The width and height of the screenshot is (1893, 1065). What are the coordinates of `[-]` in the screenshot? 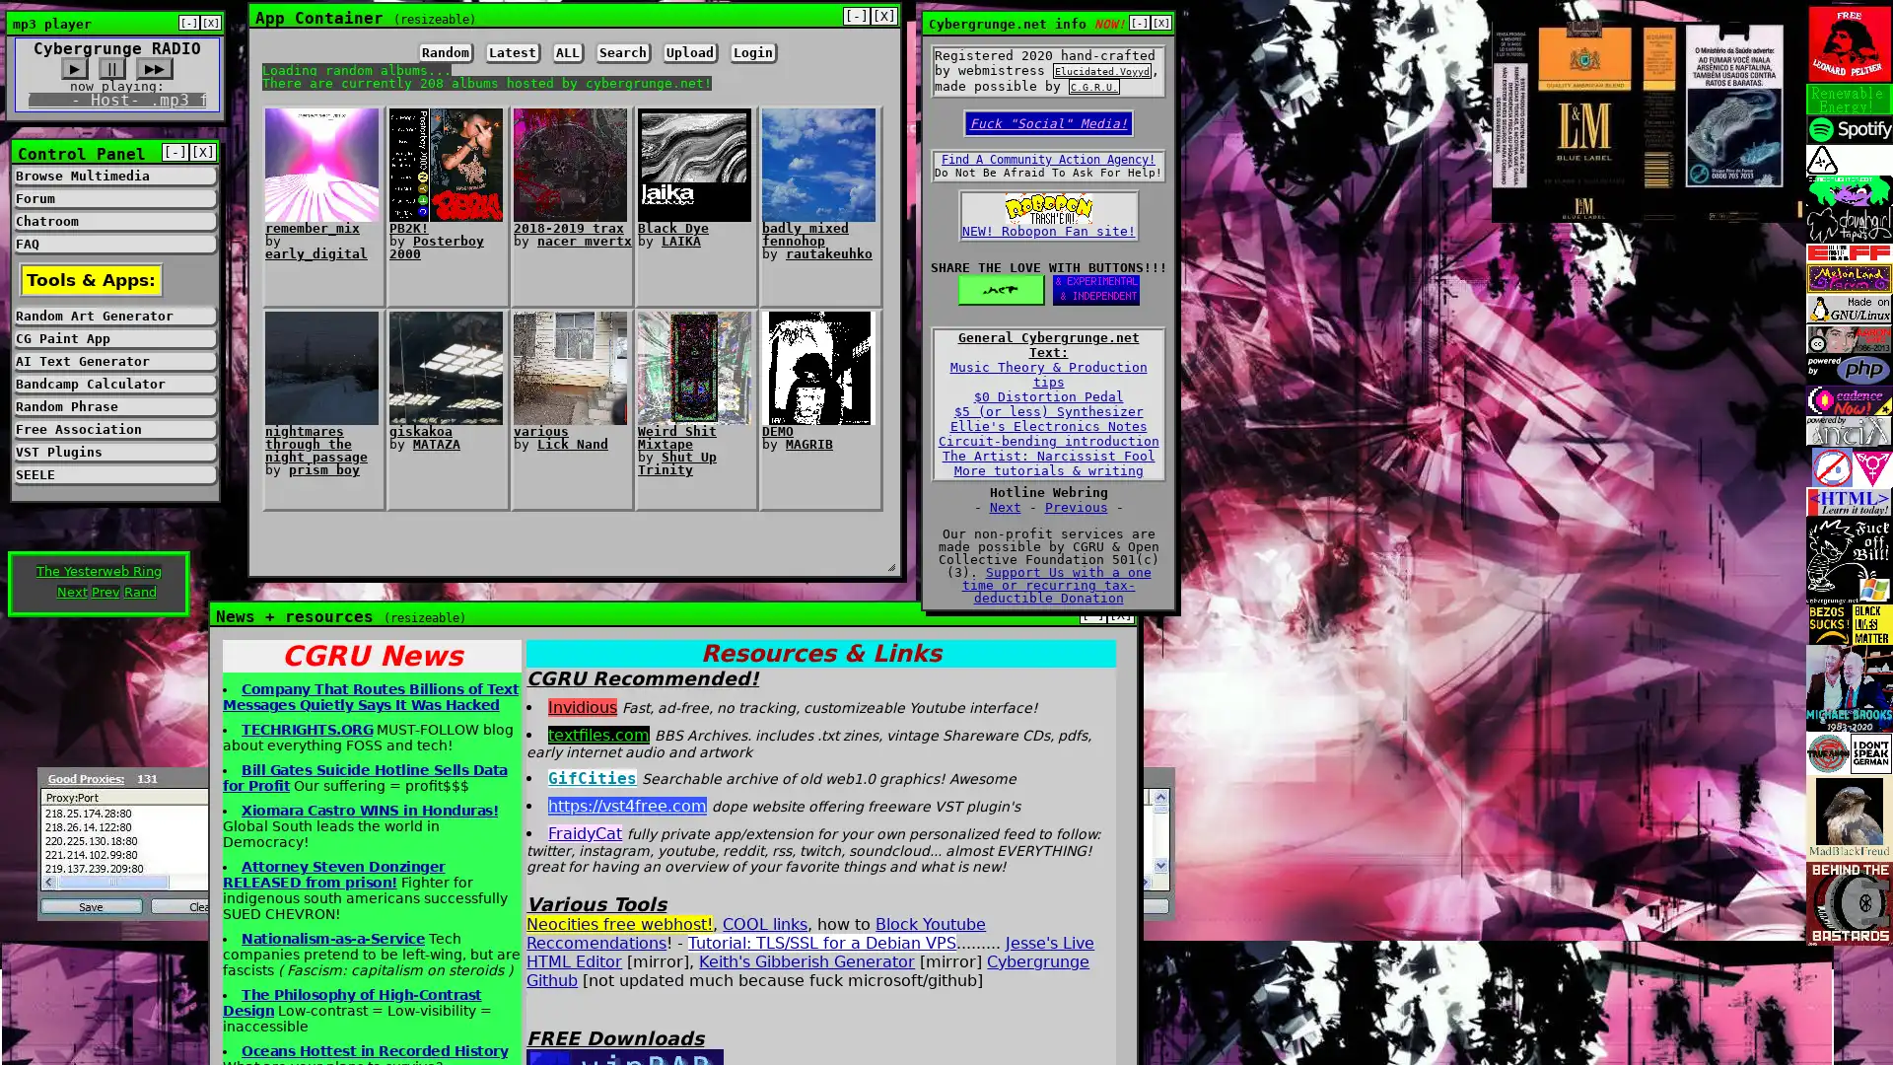 It's located at (856, 16).